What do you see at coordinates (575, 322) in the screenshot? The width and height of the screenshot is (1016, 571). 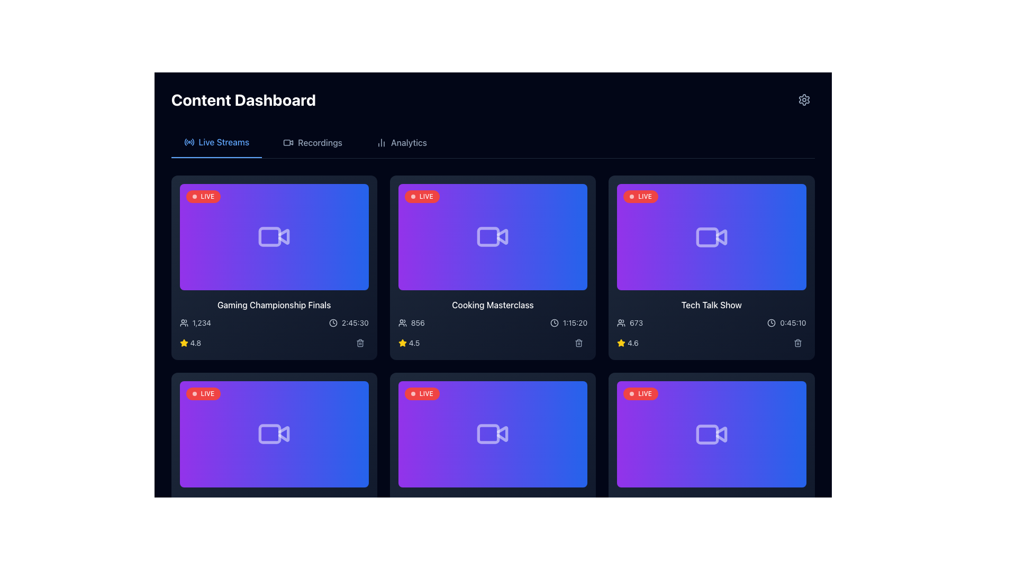 I see `time value displayed in the text label located at the bottom-right corner of the second card in the top row of the grid layout, adjacent to the clock icon` at bounding box center [575, 322].